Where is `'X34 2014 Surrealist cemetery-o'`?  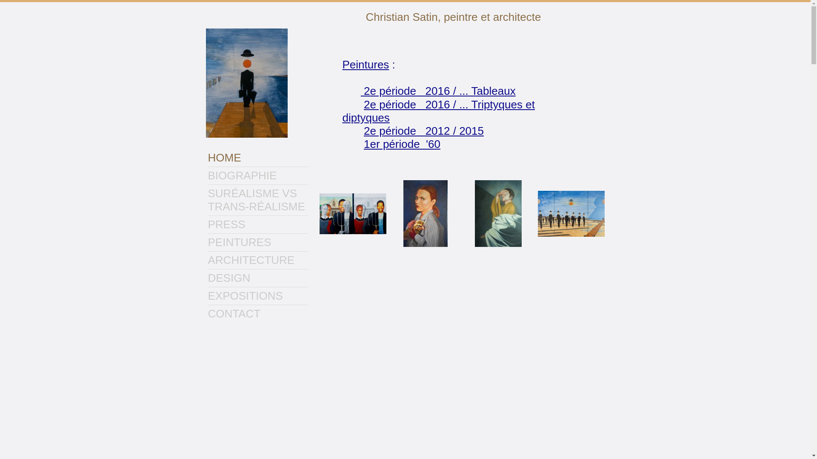 'X34 2014 Surrealist cemetery-o' is located at coordinates (537, 213).